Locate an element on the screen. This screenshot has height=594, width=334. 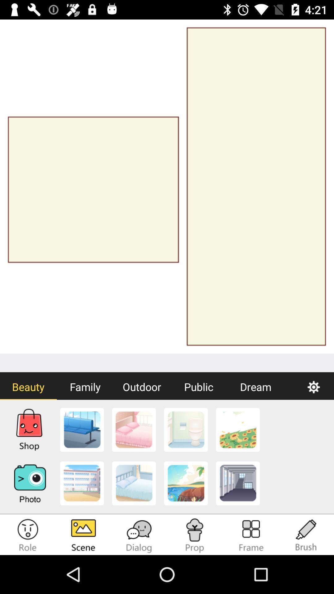
the wallpaper icon is located at coordinates (83, 535).